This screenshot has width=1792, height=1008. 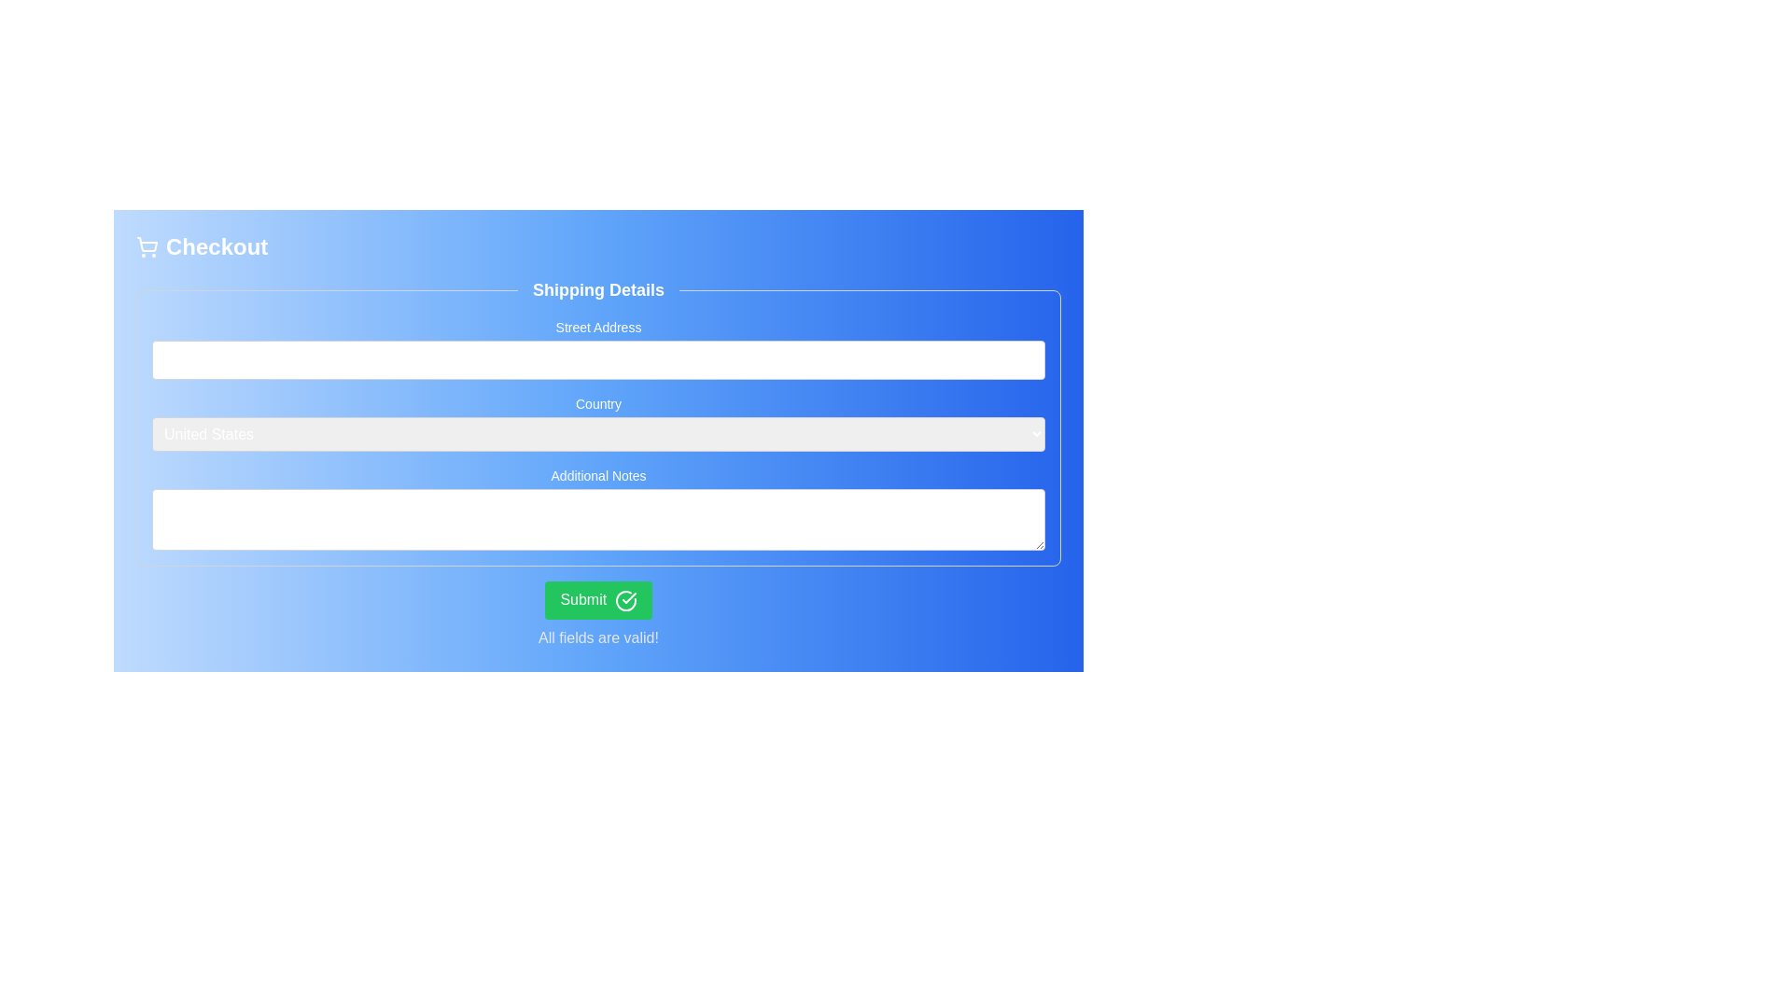 What do you see at coordinates (598, 637) in the screenshot?
I see `the static text label that states 'All fields are valid!', styled in muted gray and positioned at the bottom of a blue gradient background` at bounding box center [598, 637].